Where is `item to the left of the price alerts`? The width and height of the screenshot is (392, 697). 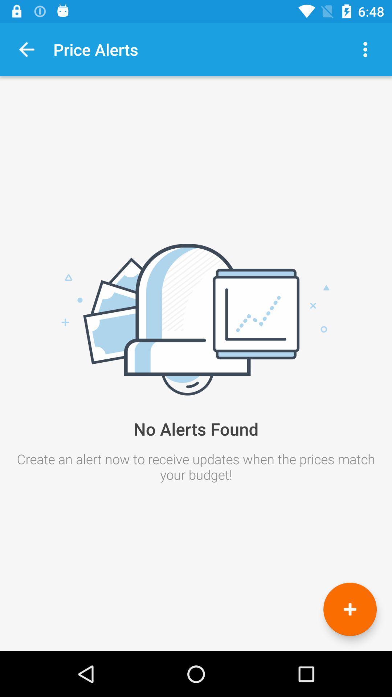 item to the left of the price alerts is located at coordinates (26, 49).